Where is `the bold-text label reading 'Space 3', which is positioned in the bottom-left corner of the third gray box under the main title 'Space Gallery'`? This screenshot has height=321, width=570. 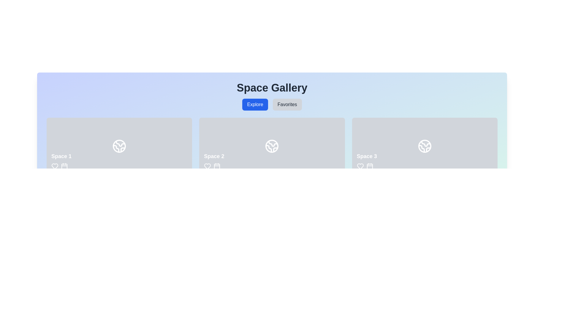
the bold-text label reading 'Space 3', which is positioned in the bottom-left corner of the third gray box under the main title 'Space Gallery' is located at coordinates (366, 156).